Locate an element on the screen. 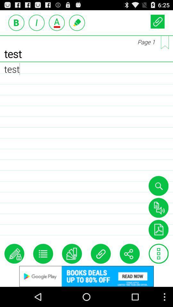  the search icon is located at coordinates (158, 198).